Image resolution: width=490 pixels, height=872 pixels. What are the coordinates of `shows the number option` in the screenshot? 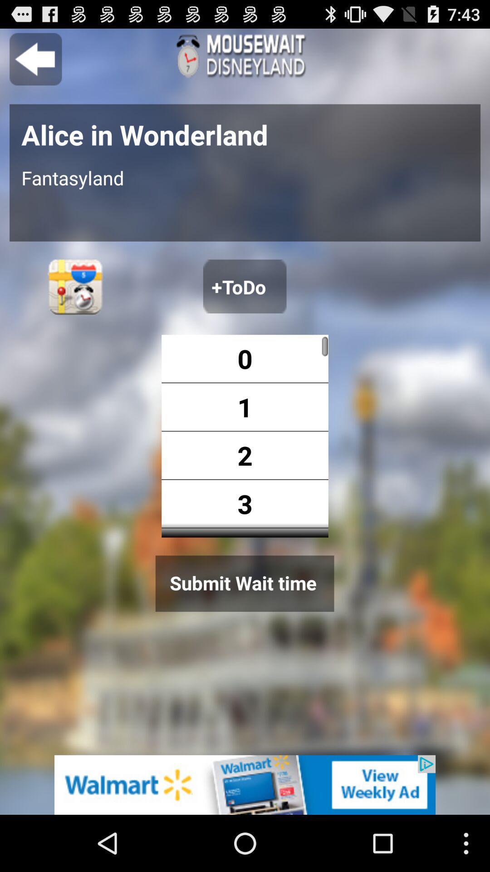 It's located at (299, 436).